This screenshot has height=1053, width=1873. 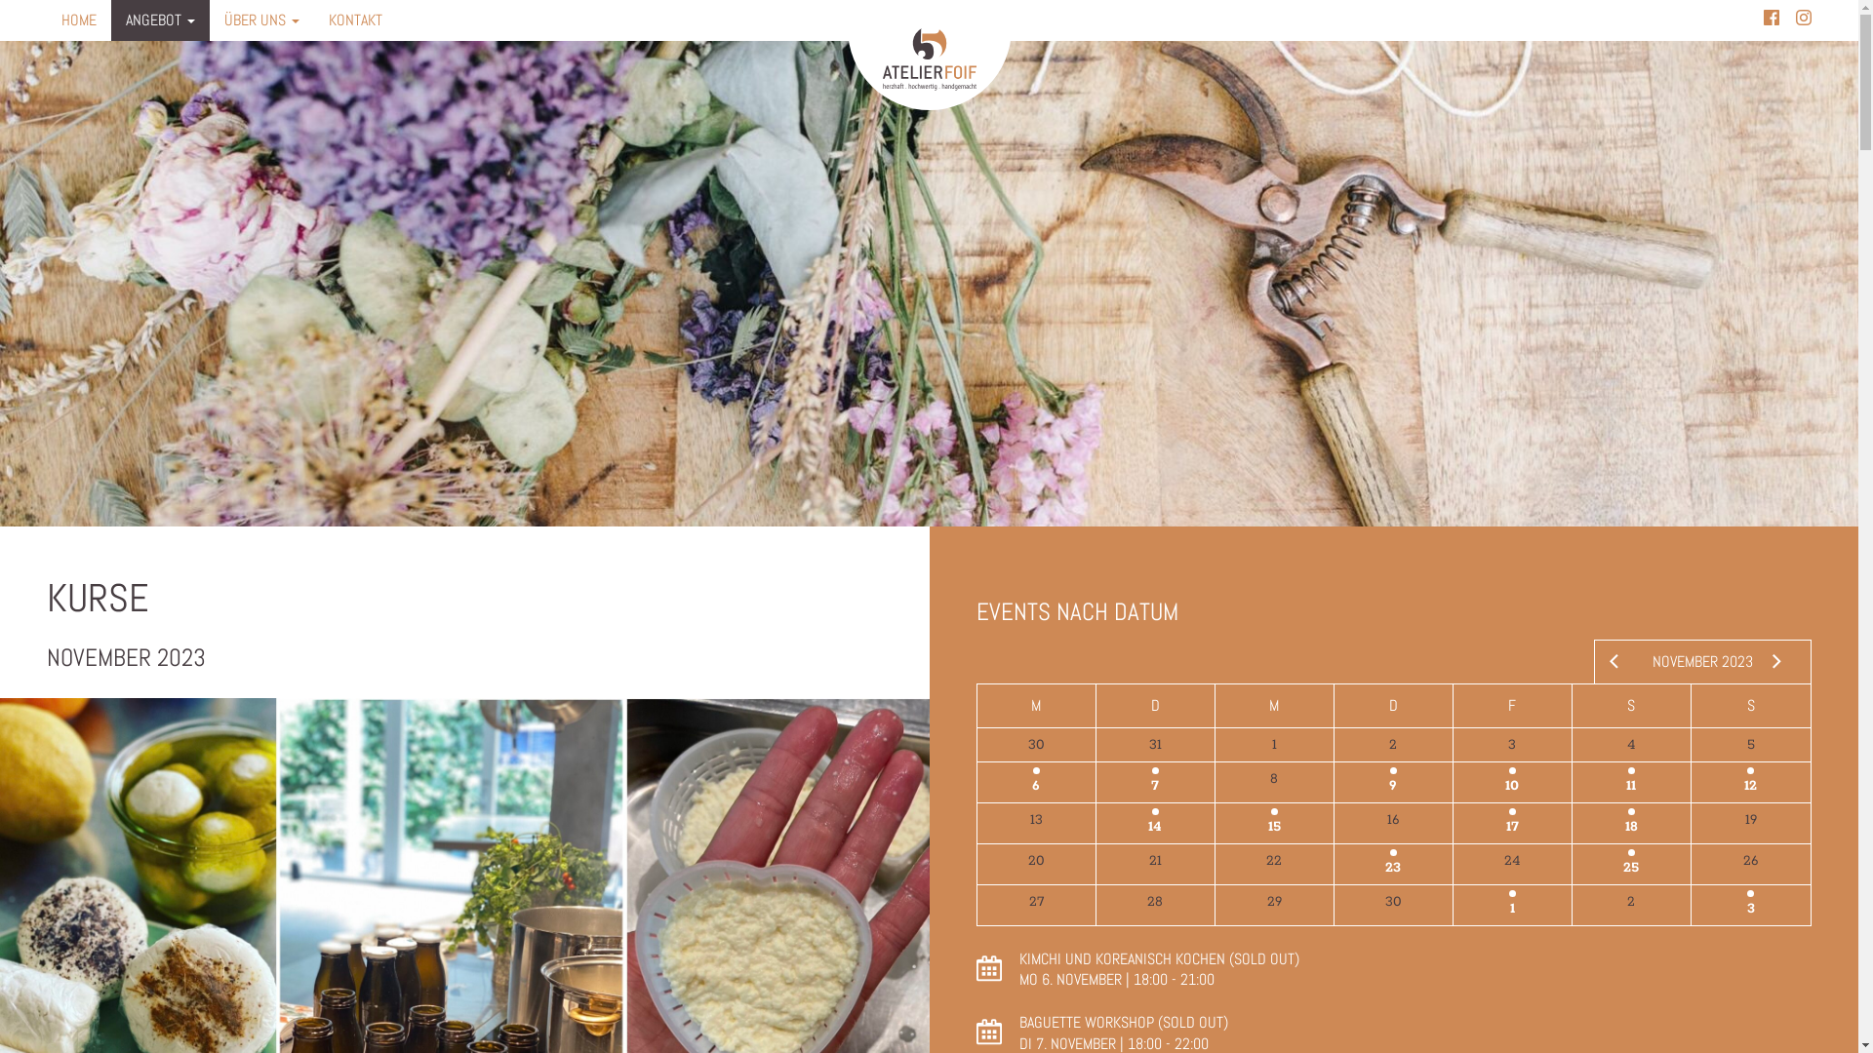 What do you see at coordinates (1215, 781) in the screenshot?
I see `'0 VERANSTALTUNGEN,` at bounding box center [1215, 781].